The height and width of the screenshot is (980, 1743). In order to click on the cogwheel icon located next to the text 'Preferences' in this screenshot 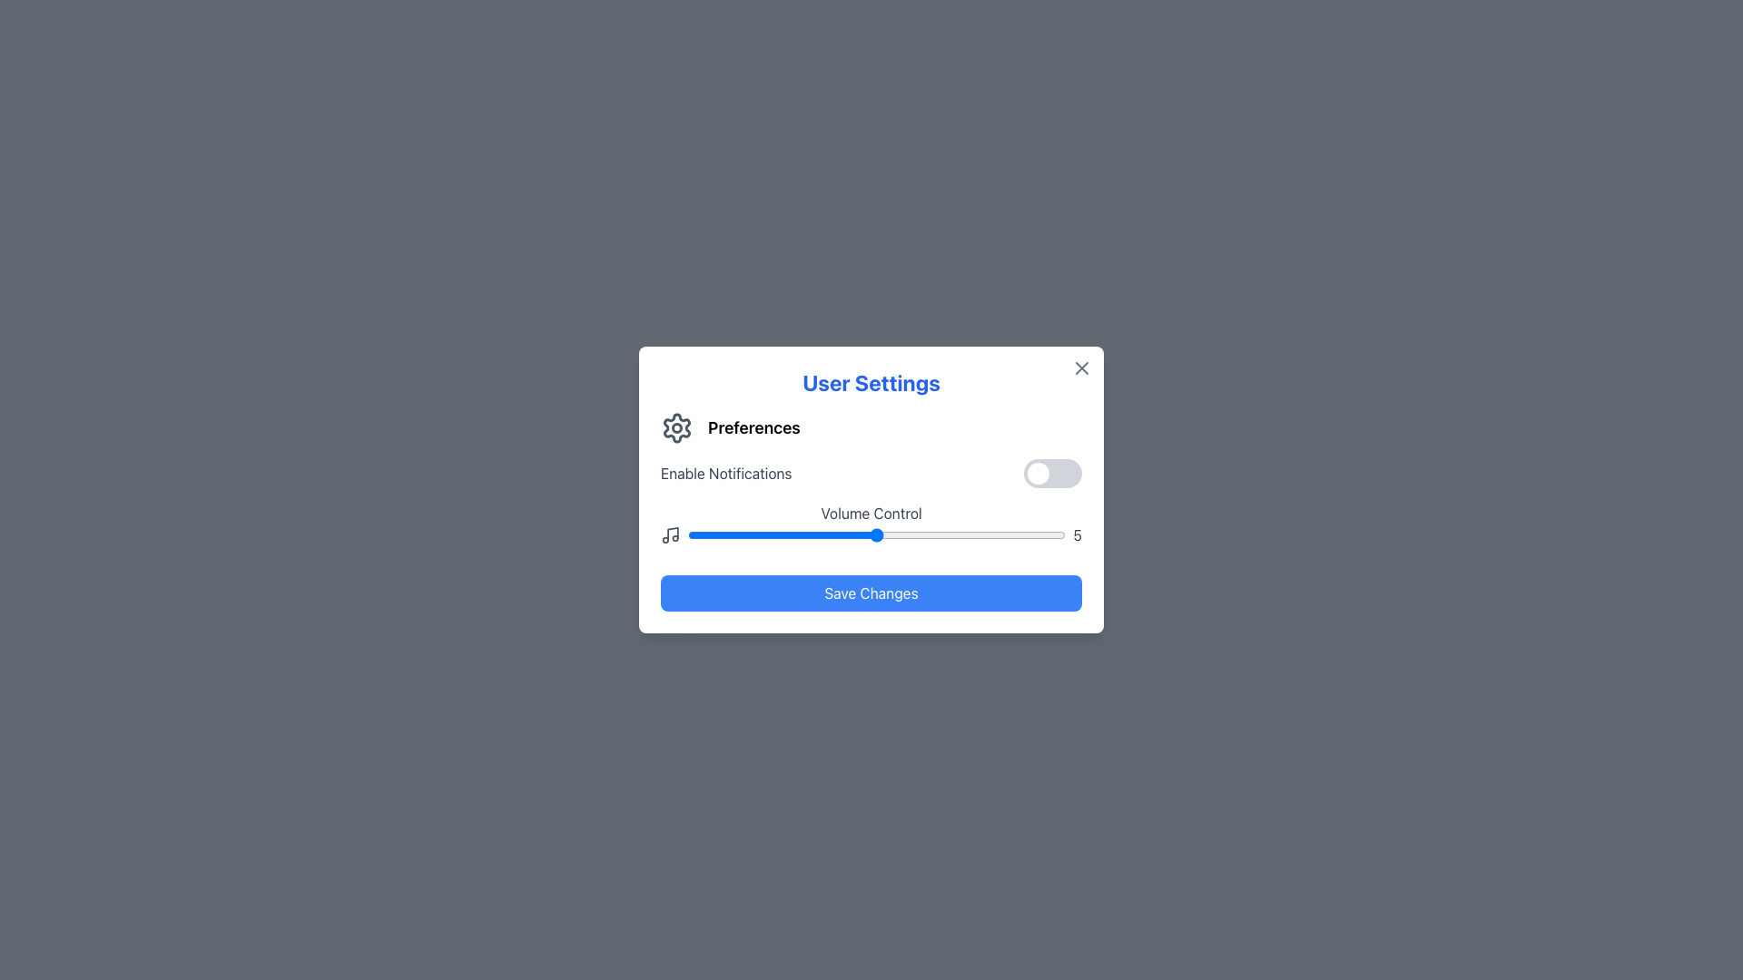, I will do `click(675, 427)`.